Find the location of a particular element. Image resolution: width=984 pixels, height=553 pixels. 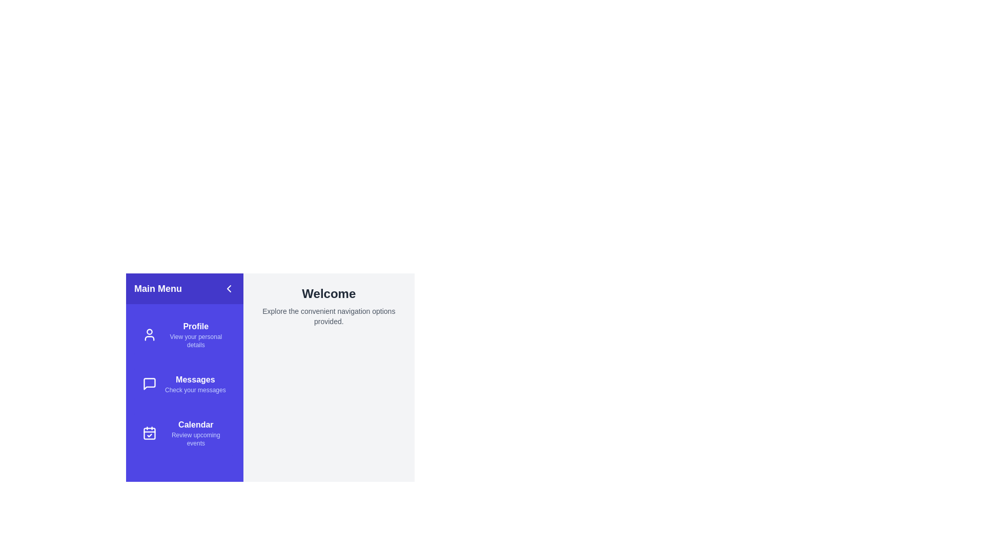

the icon associated with Profile to reveal its tooltip is located at coordinates (149, 335).